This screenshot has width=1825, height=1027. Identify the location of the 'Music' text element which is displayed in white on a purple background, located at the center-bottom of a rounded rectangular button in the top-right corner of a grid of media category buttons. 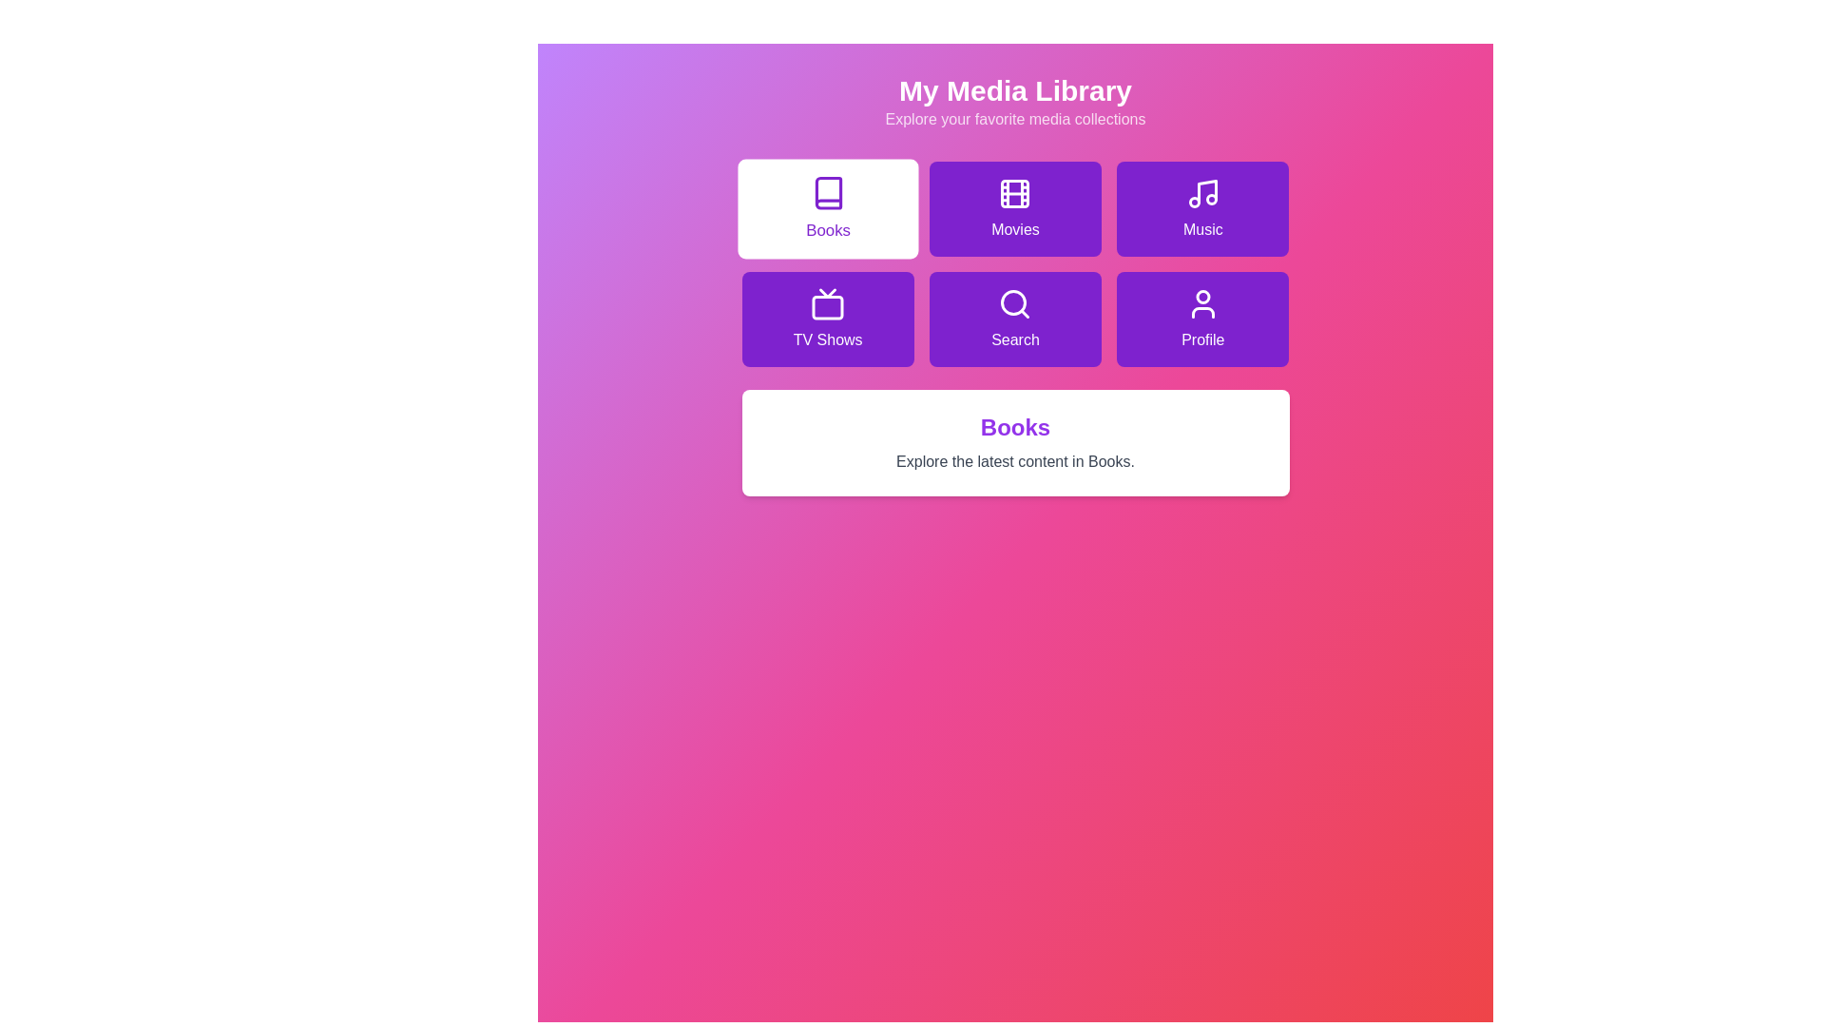
(1201, 229).